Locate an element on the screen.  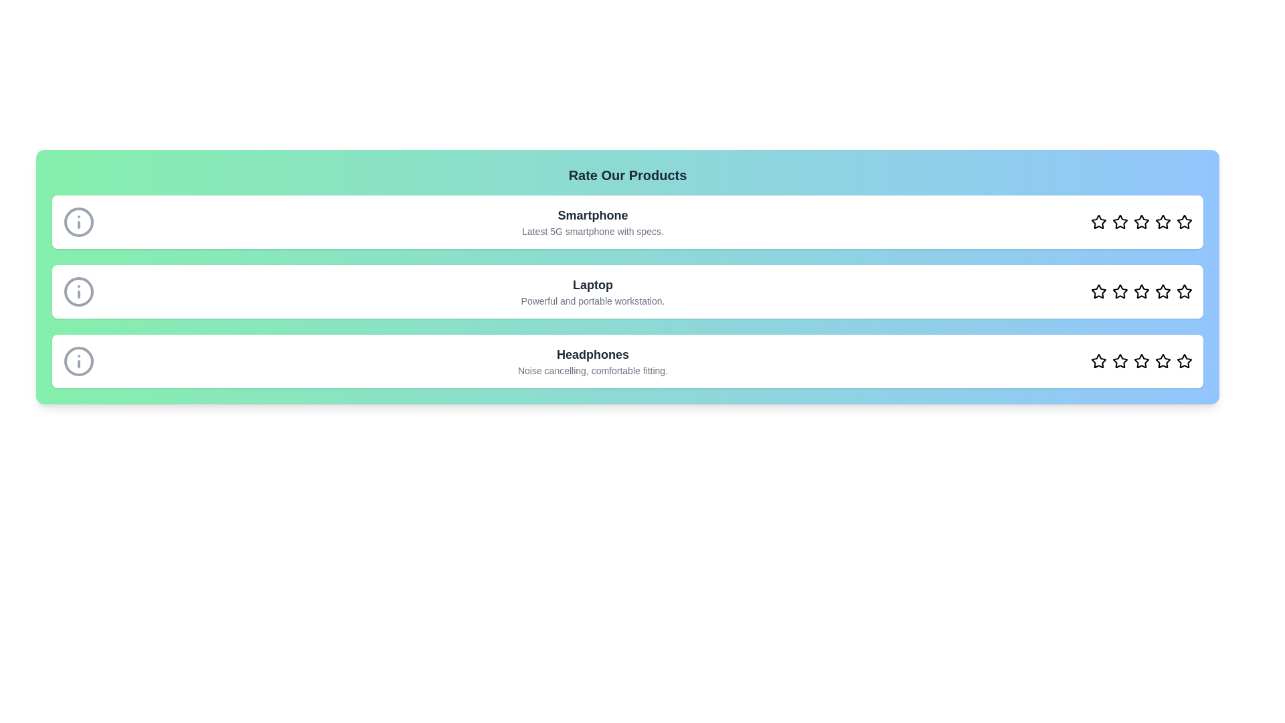
the fourth star is located at coordinates (1140, 221).